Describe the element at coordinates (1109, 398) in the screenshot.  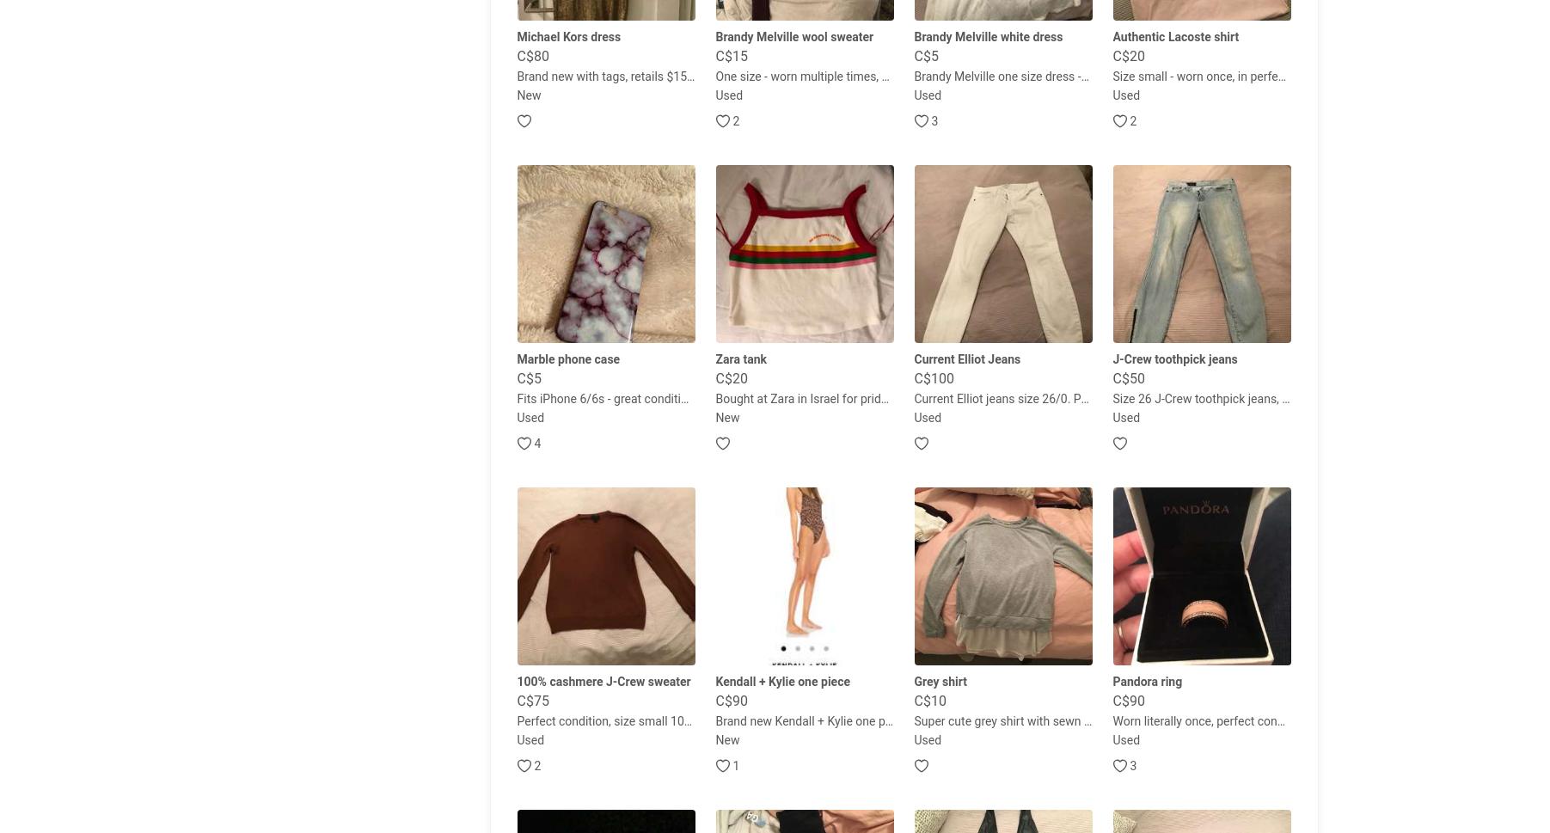
I see `'Current Elliot jeans size 26/0.  Perfect condition - worn a handful of times!'` at that location.